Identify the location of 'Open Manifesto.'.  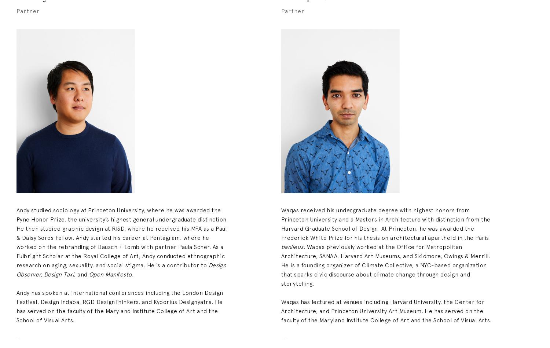
(111, 274).